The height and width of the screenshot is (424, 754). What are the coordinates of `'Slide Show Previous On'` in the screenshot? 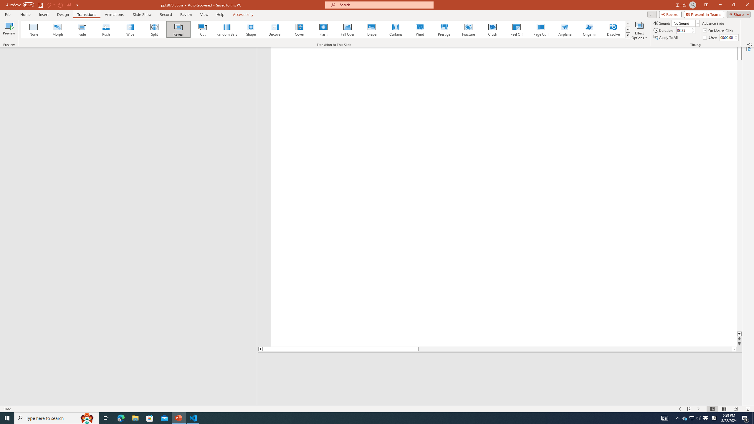 It's located at (680, 409).